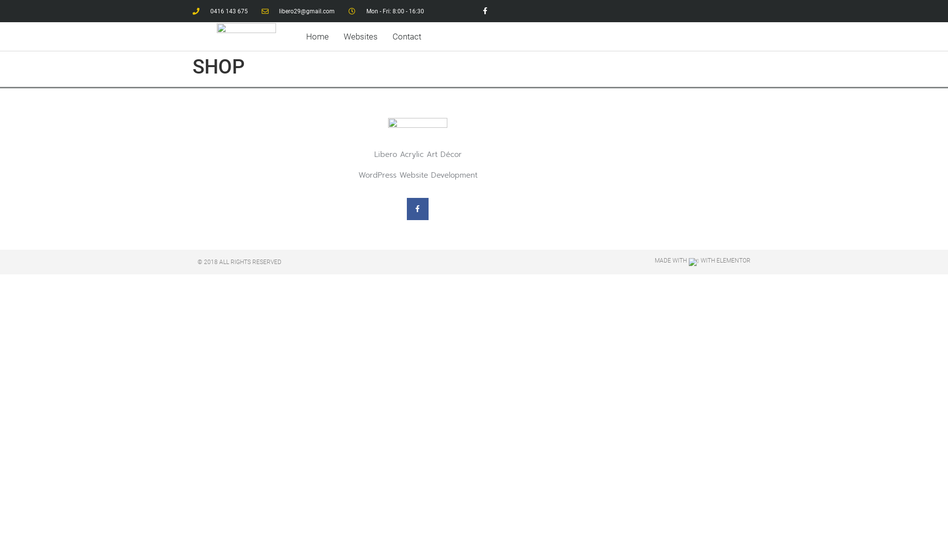 The height and width of the screenshot is (533, 948). What do you see at coordinates (360, 36) in the screenshot?
I see `'Websites'` at bounding box center [360, 36].